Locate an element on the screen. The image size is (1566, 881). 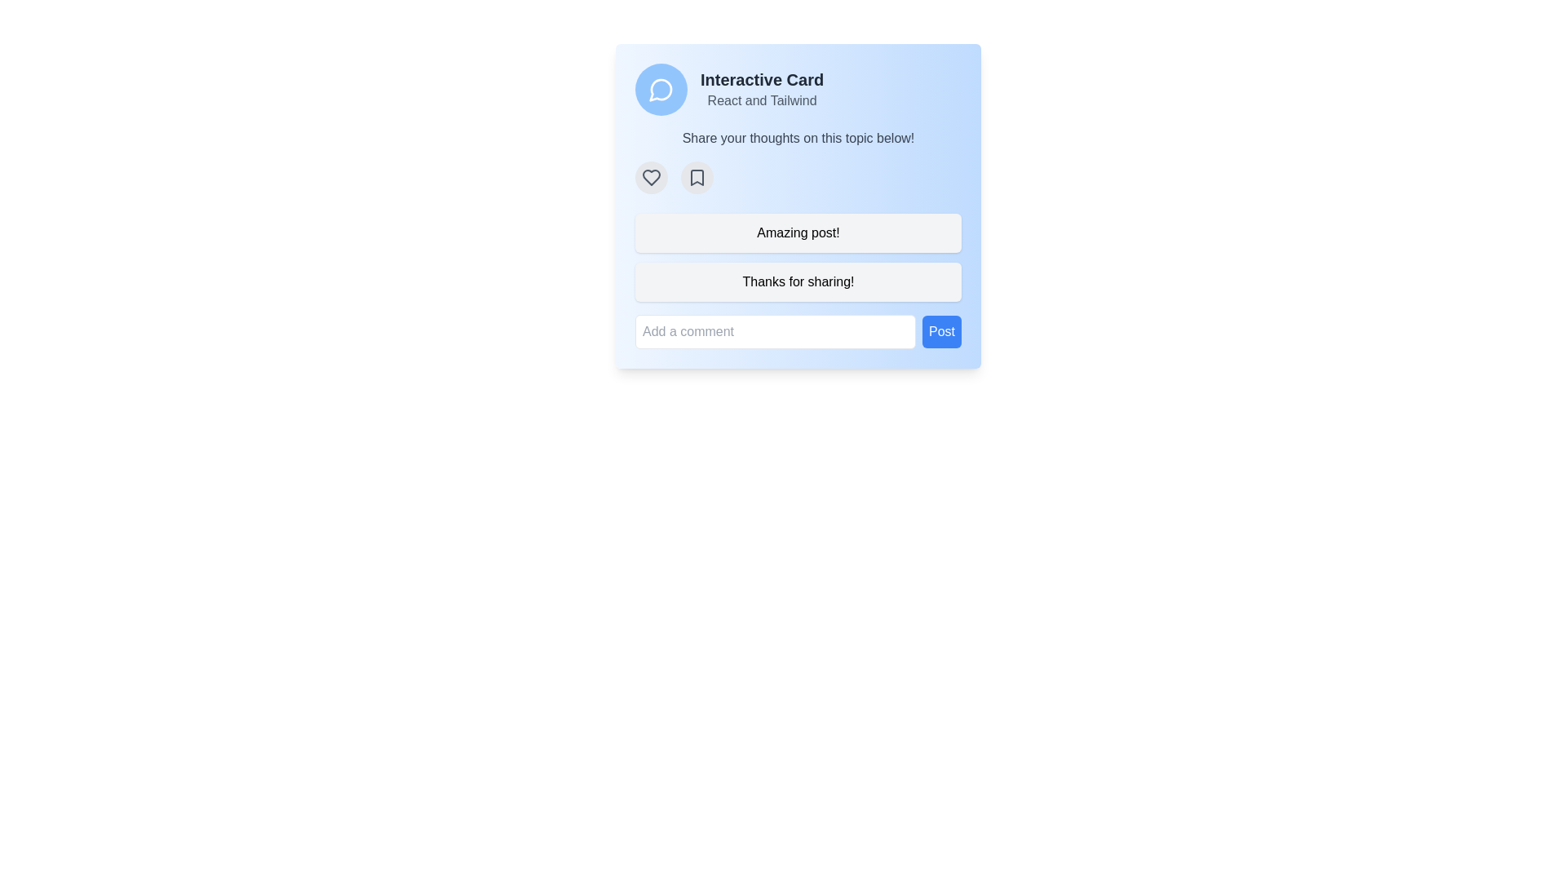
the circular icon button with a light gray background and a dark gray heart outline to like or unlike is located at coordinates (650, 178).